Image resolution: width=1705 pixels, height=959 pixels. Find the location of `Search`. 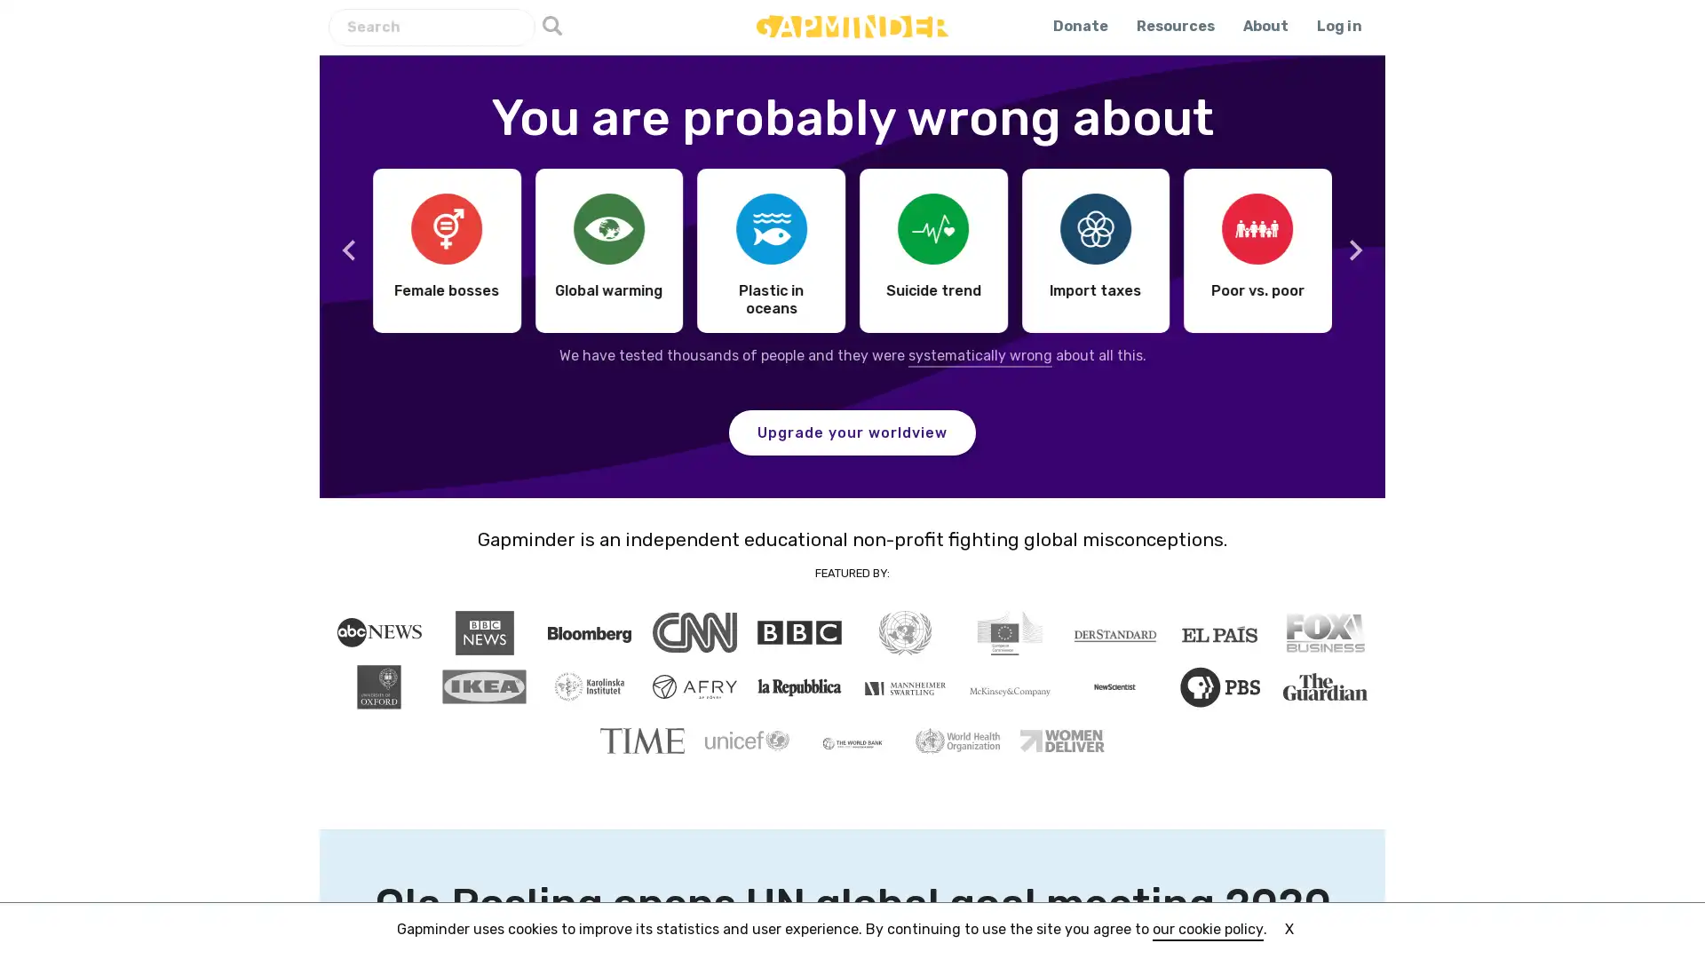

Search is located at coordinates (551, 26).